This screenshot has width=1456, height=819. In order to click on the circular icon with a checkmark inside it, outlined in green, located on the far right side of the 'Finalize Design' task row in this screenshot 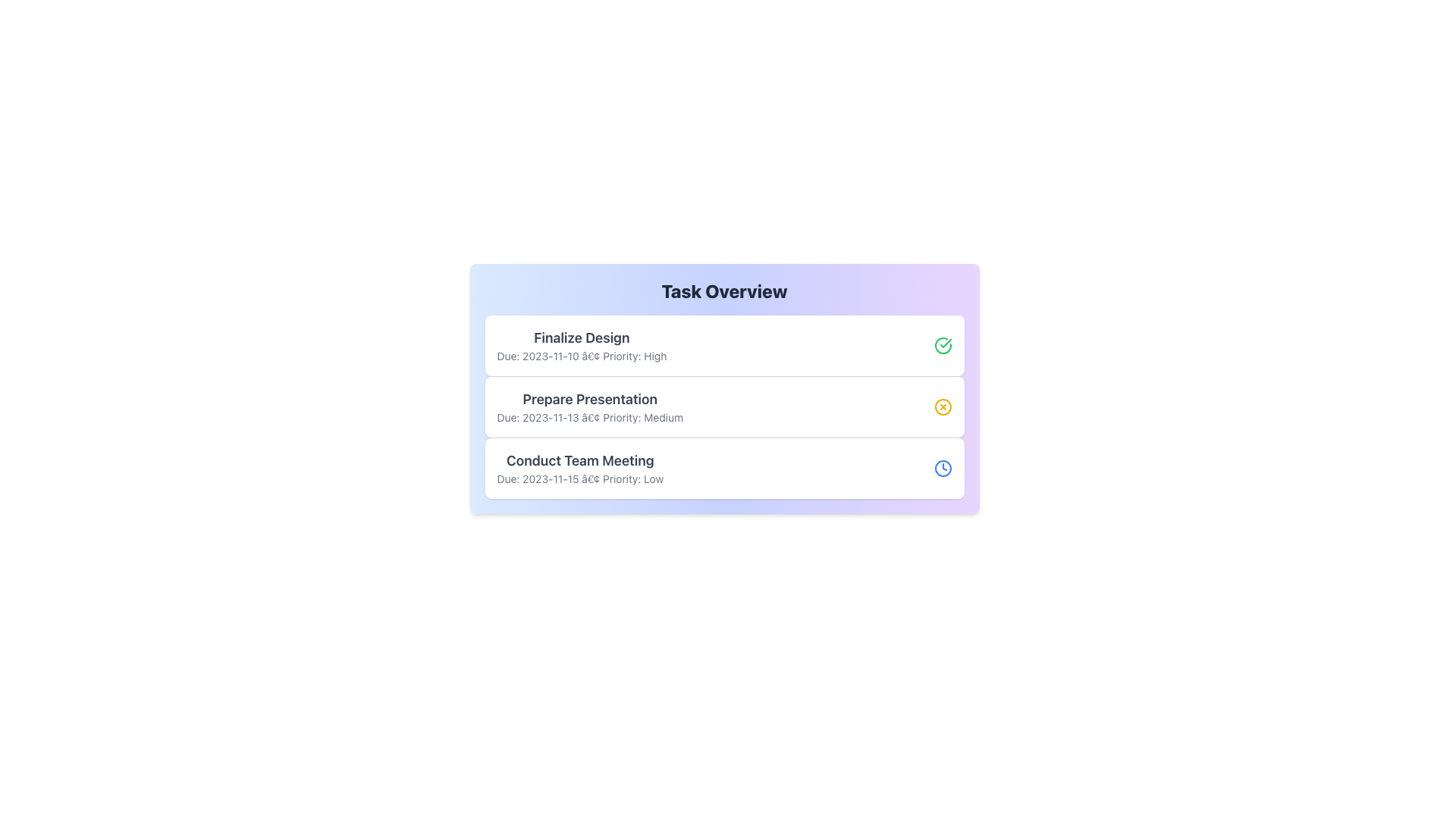, I will do `click(942, 345)`.